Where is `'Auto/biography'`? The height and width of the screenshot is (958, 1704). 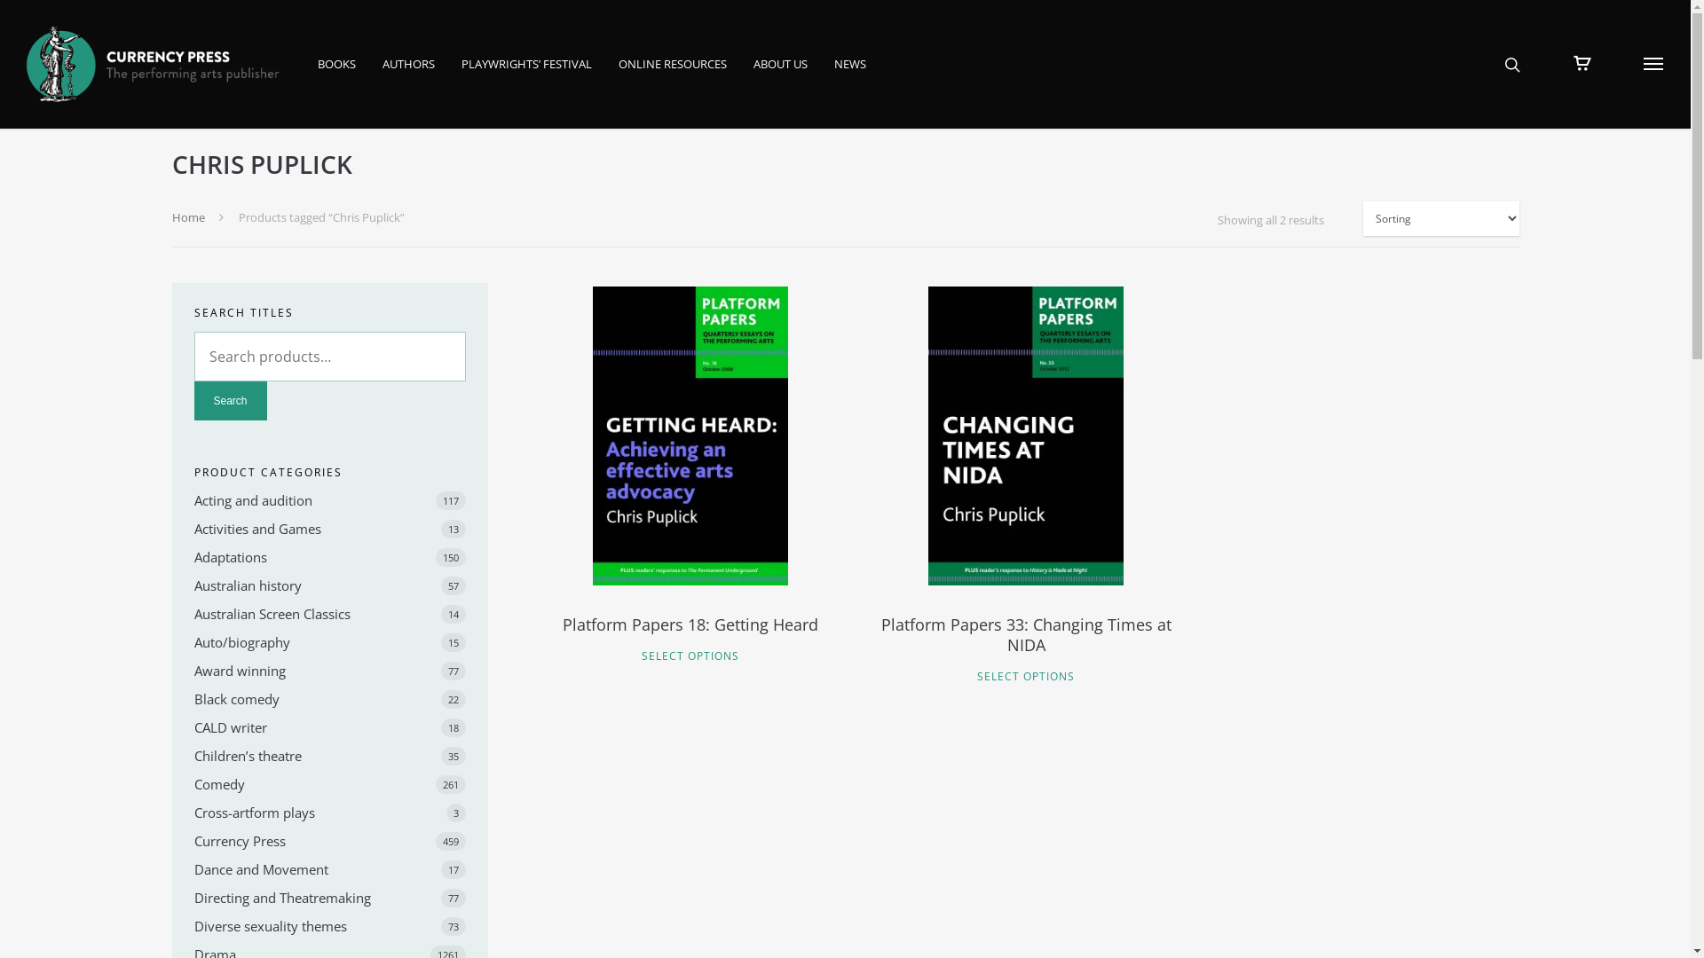
'Auto/biography' is located at coordinates (329, 642).